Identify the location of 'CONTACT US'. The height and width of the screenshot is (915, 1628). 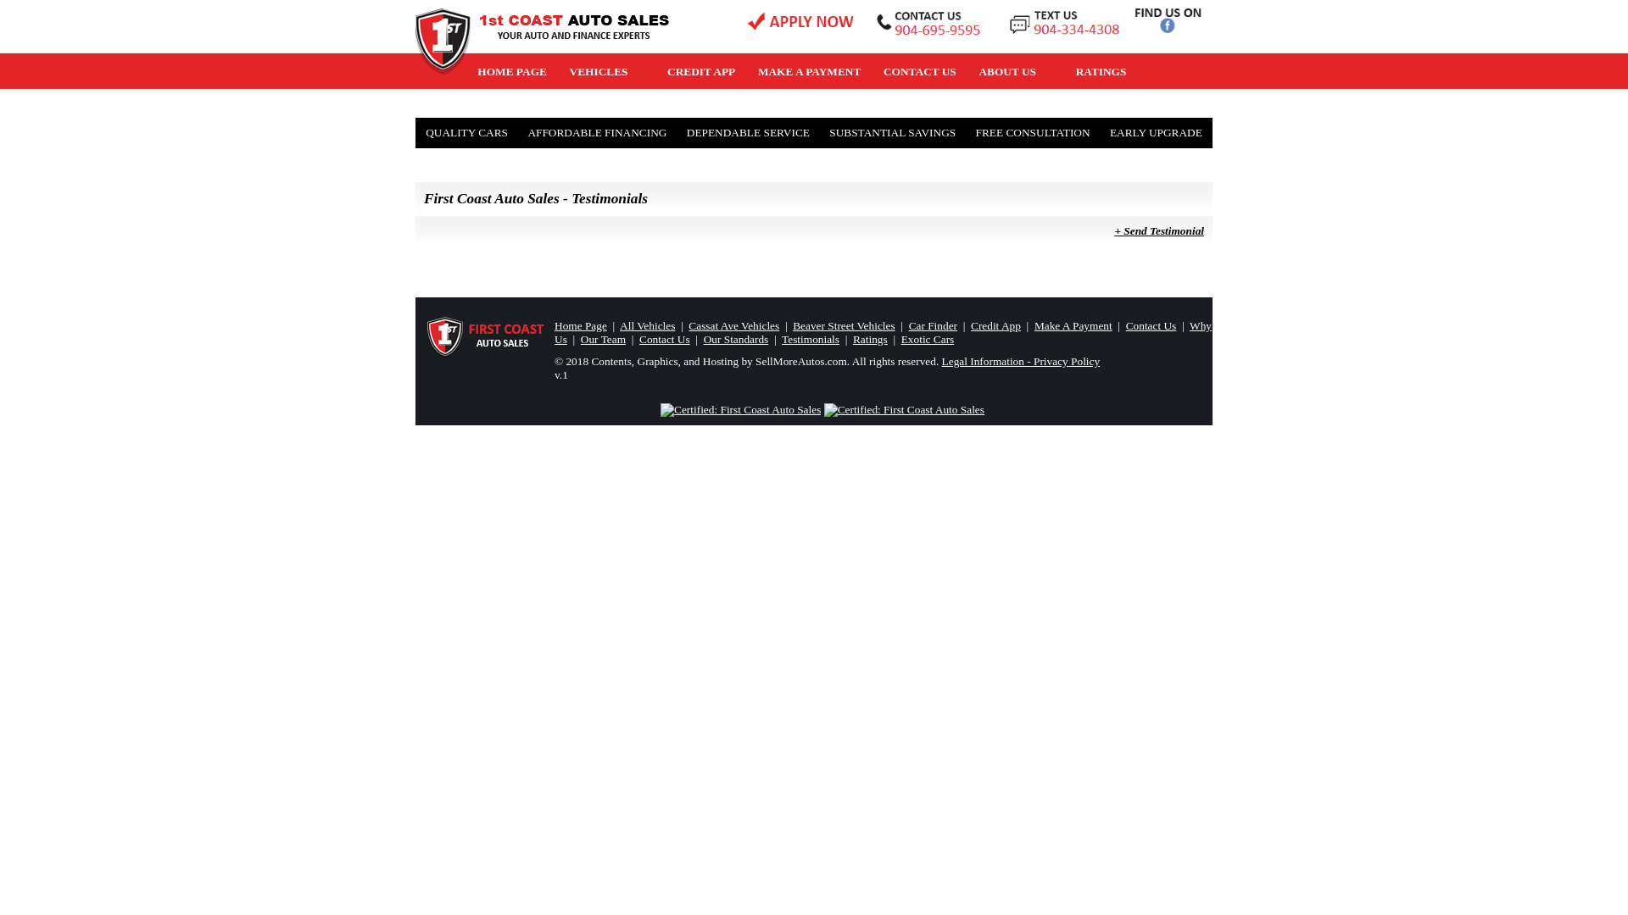
(872, 70).